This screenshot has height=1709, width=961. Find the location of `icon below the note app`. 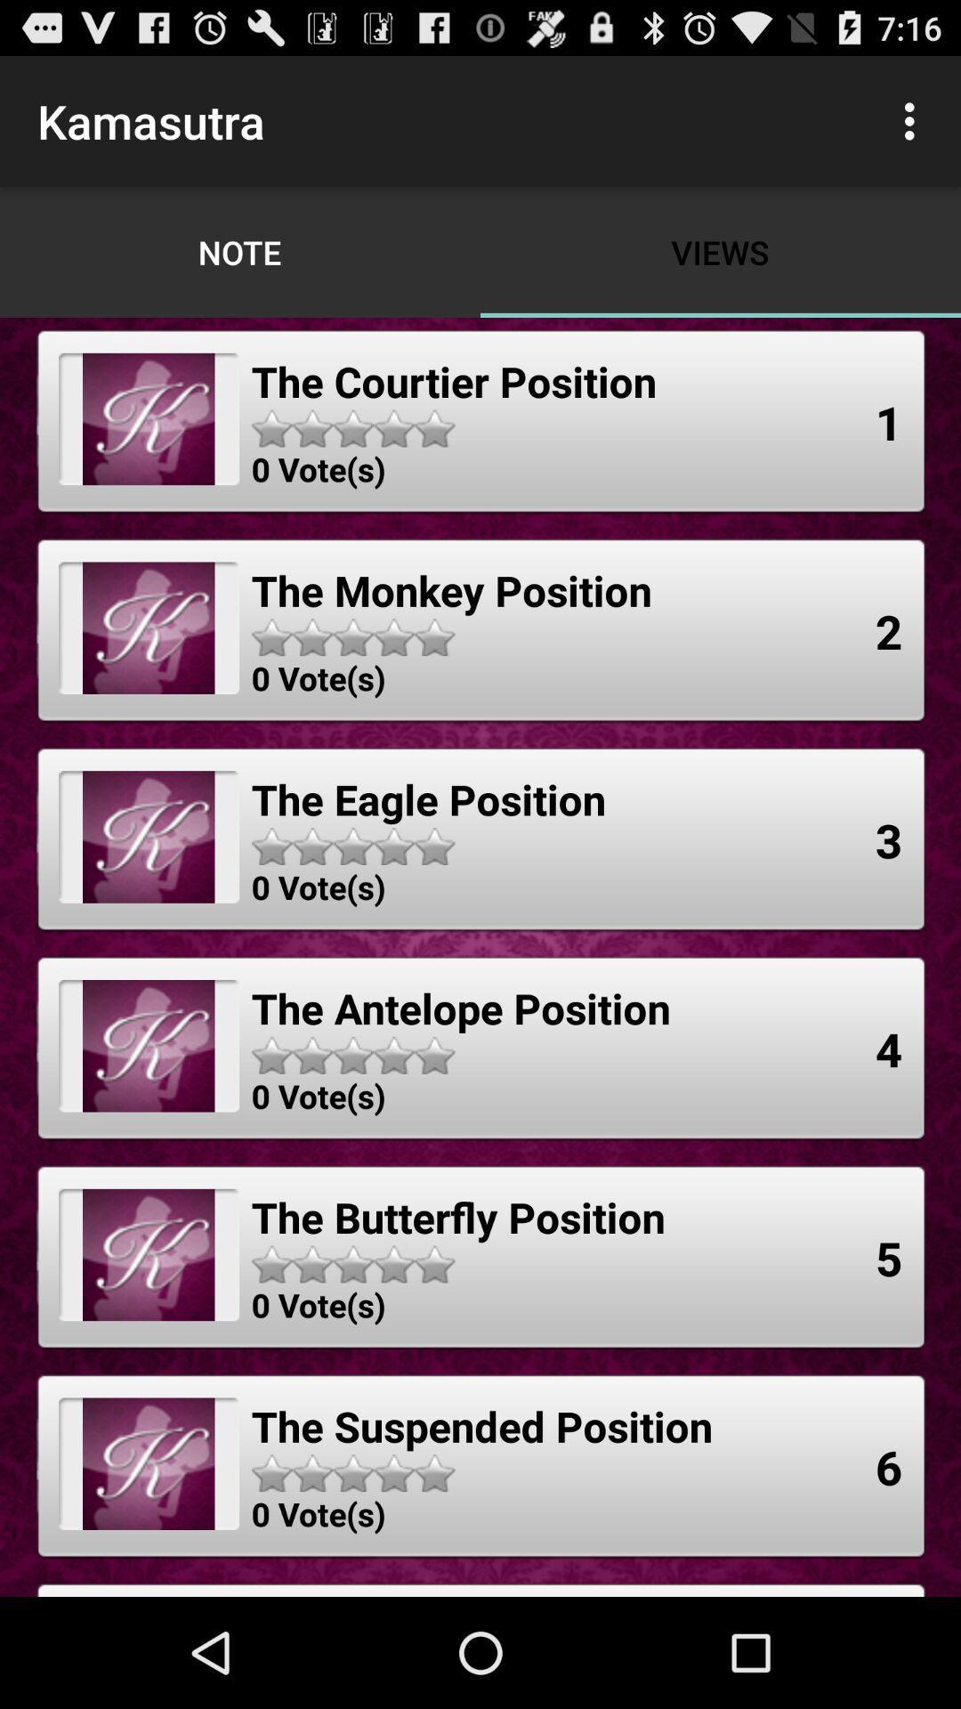

icon below the note app is located at coordinates (453, 380).